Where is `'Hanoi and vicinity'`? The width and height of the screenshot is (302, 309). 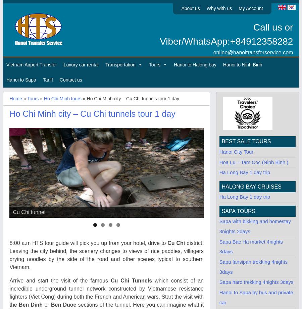 'Hanoi and vicinity' is located at coordinates (241, 79).